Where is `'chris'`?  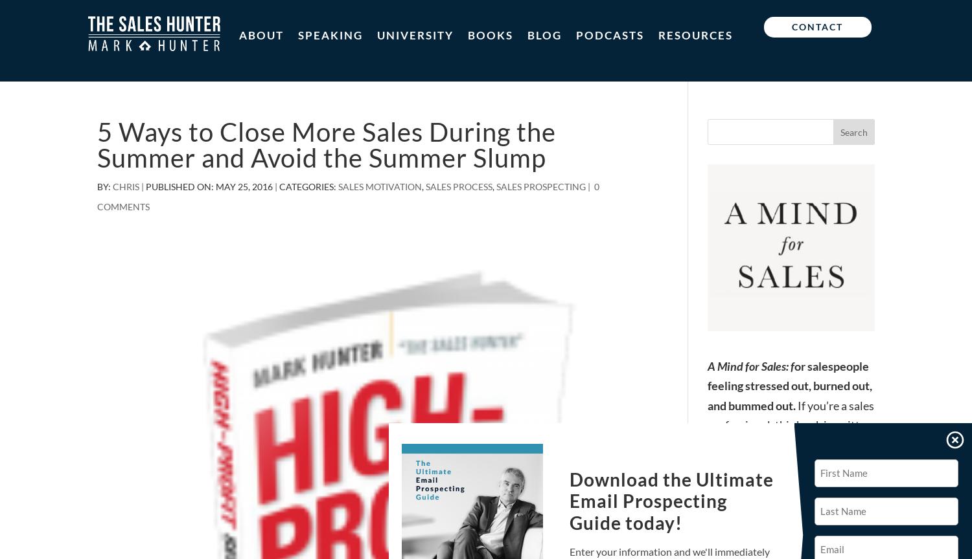
'chris' is located at coordinates (113, 186).